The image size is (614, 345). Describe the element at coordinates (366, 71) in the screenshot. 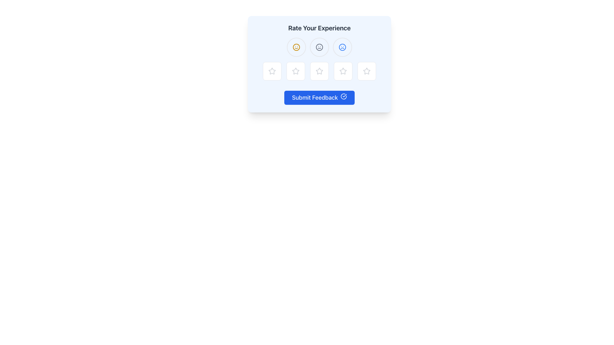

I see `the fifth star icon in the rating component` at that location.